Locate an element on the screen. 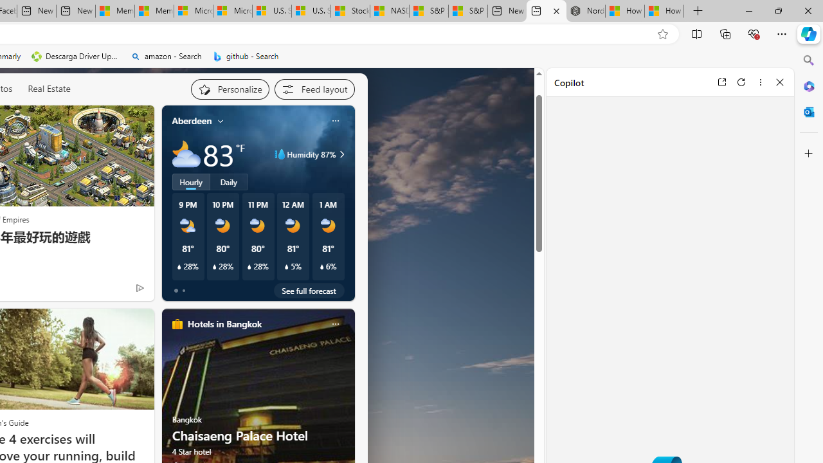  'Class: weather-arrow-glyph' is located at coordinates (341, 154).